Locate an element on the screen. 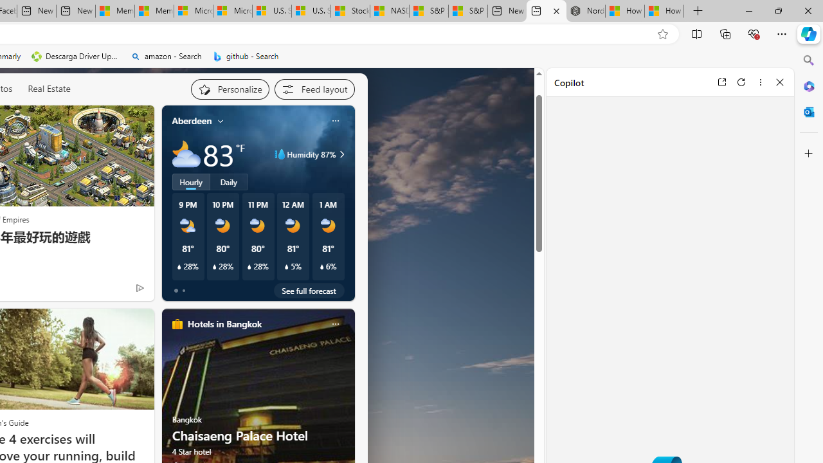  'Class: weather-arrow-glyph' is located at coordinates (341, 154).